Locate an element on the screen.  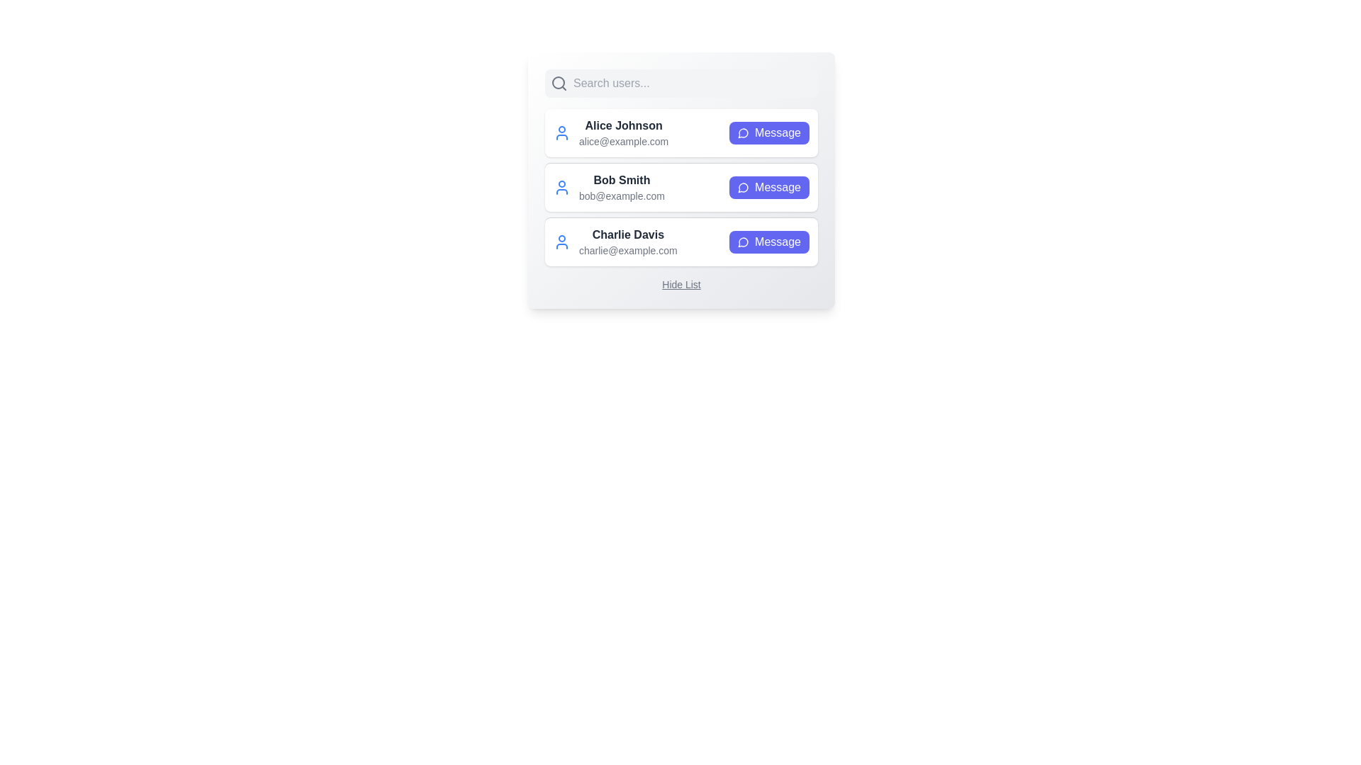
the 'Message' button corresponding to Alice Johnson is located at coordinates (768, 133).